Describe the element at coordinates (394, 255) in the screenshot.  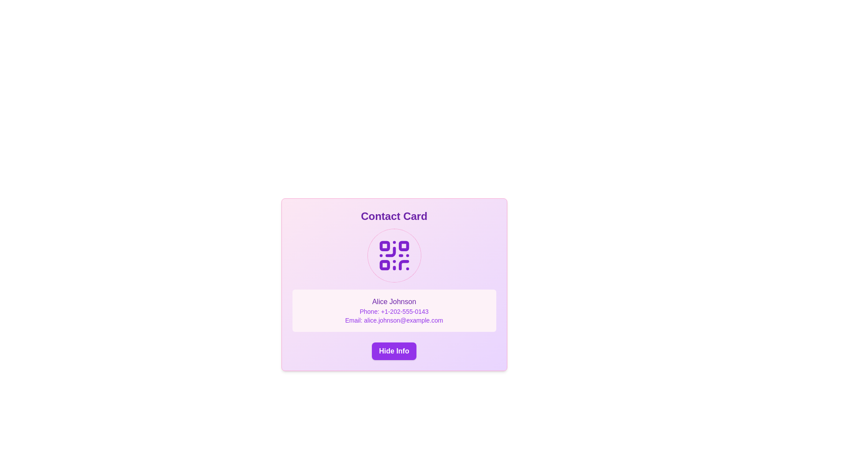
I see `the purple QR code icon that is centrally located within the circularly bordered area on the contact card interface` at that location.